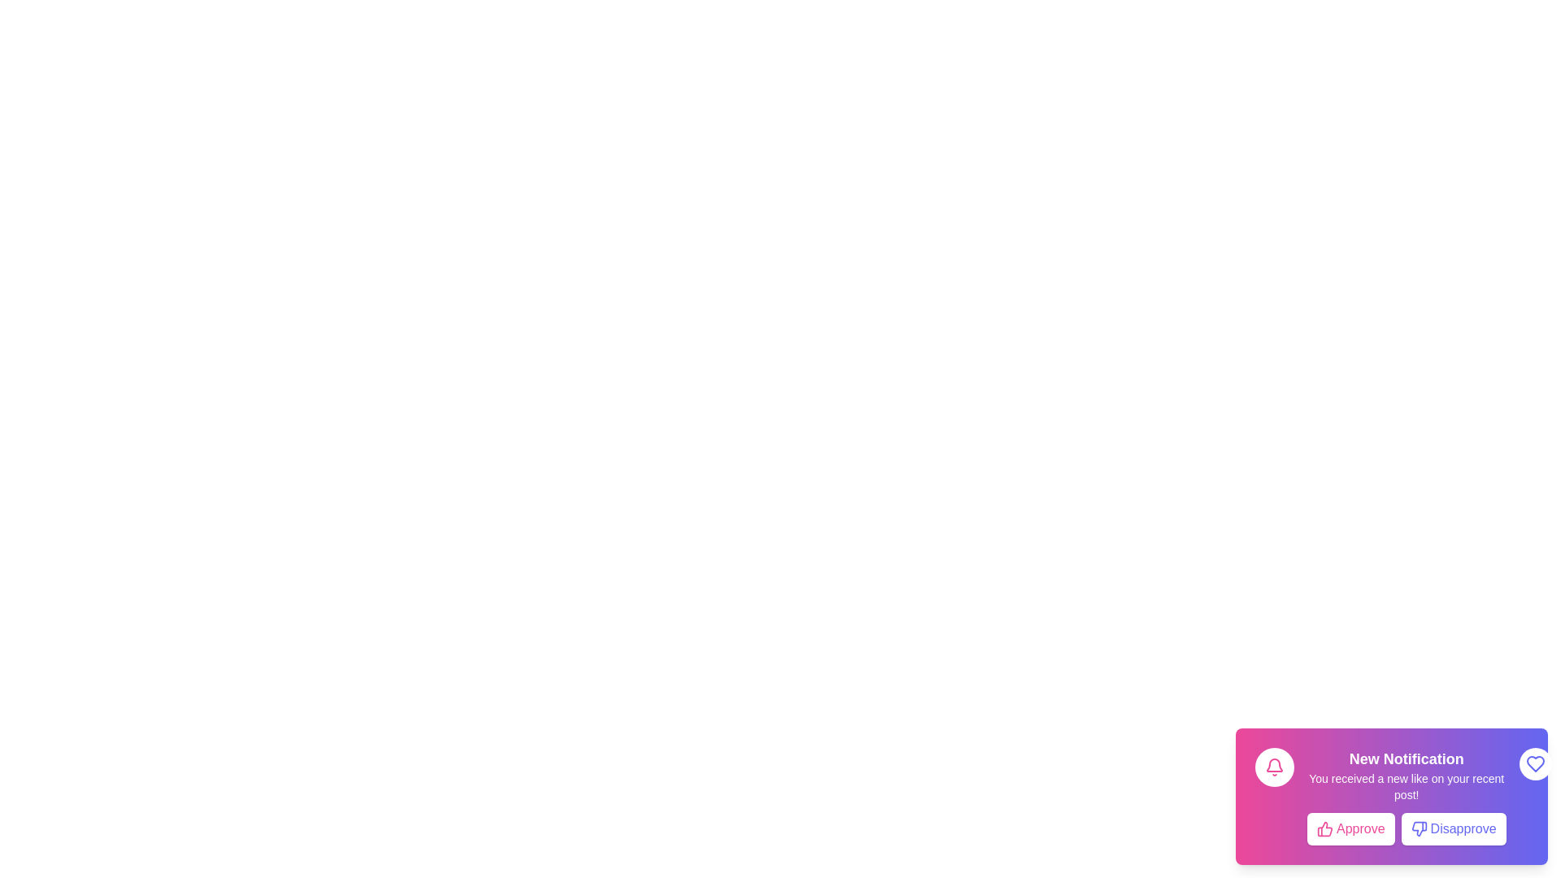  I want to click on the notification body to view its details, so click(1405, 795).